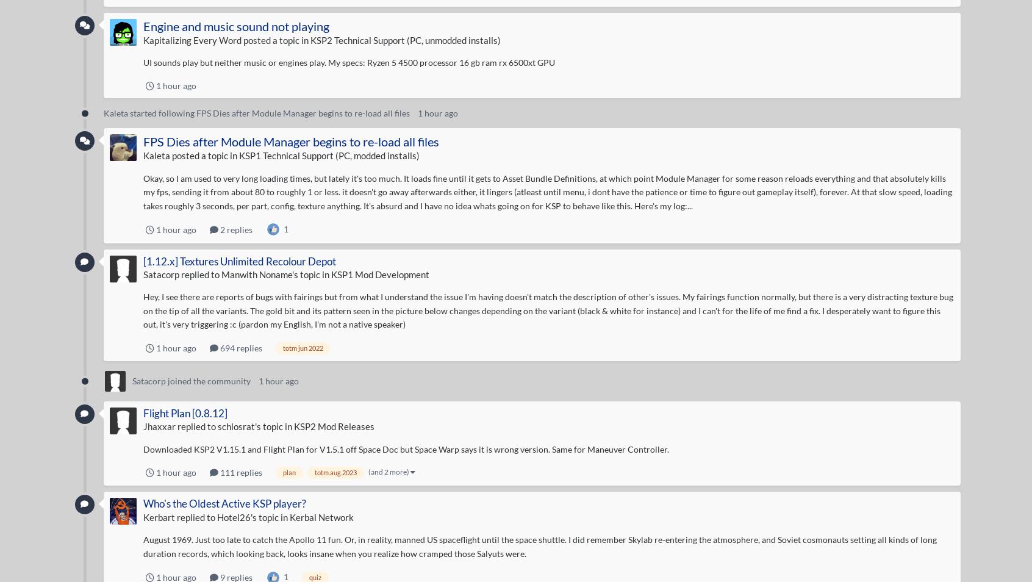 The image size is (1032, 582). What do you see at coordinates (379, 273) in the screenshot?
I see `'KSP1 Mod Development'` at bounding box center [379, 273].